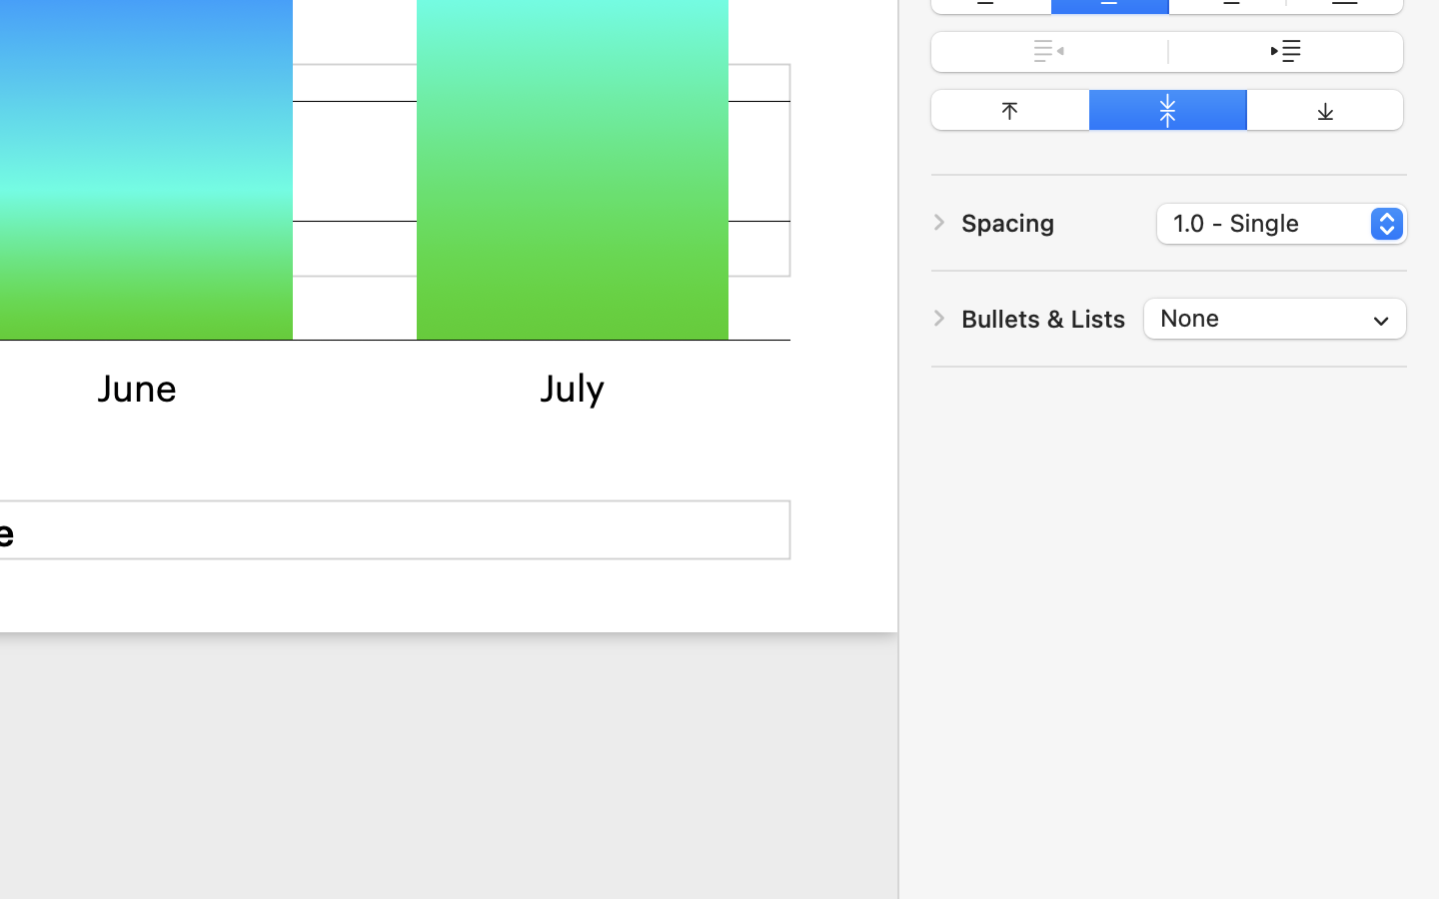 This screenshot has height=899, width=1439. What do you see at coordinates (1283, 225) in the screenshot?
I see `'1.0 - Single'` at bounding box center [1283, 225].